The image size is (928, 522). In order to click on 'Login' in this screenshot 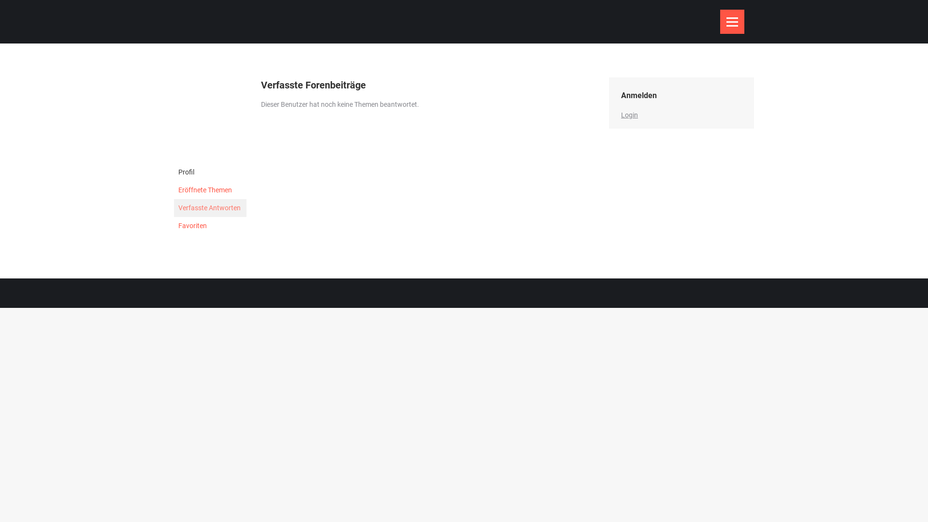, I will do `click(629, 115)`.